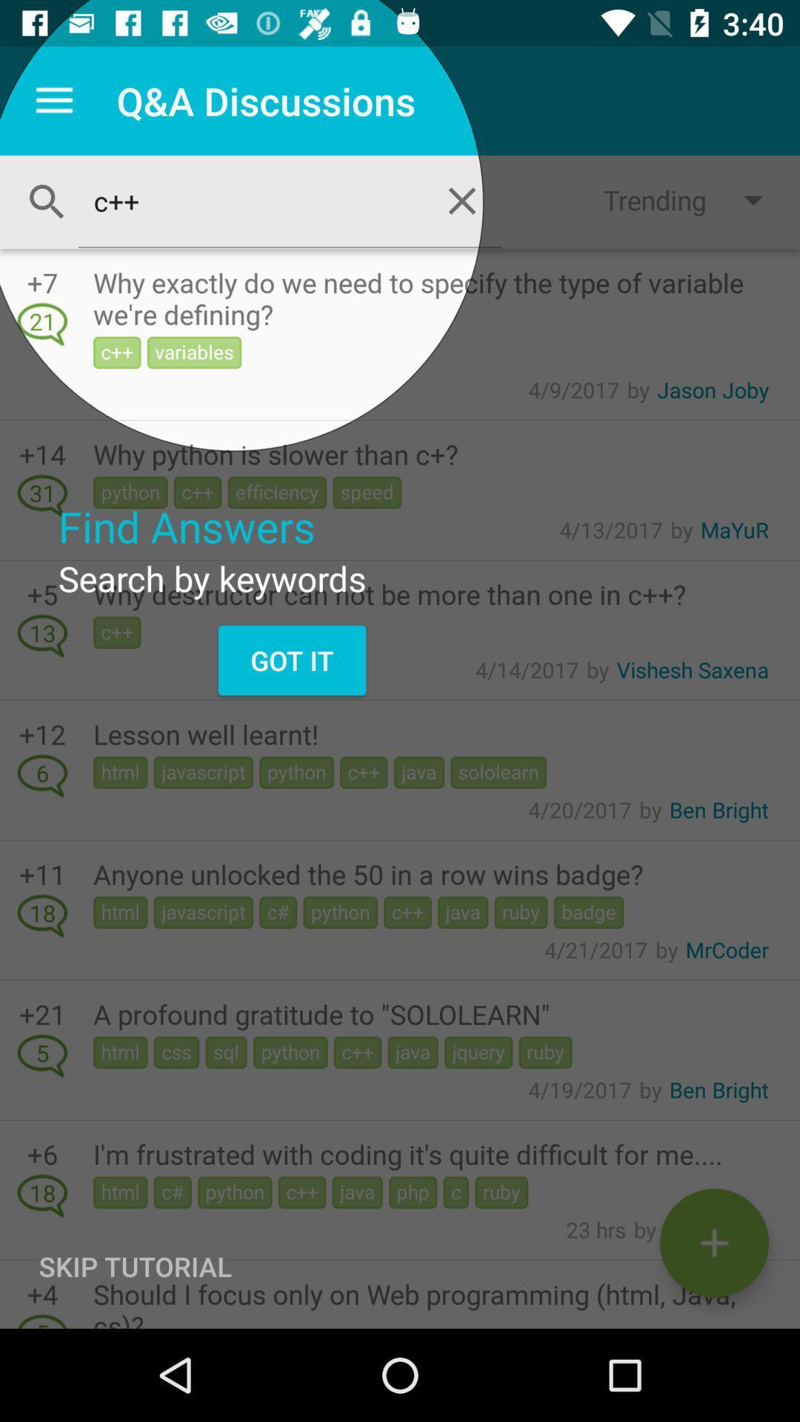 This screenshot has height=1422, width=800. What do you see at coordinates (461, 200) in the screenshot?
I see `the close icon` at bounding box center [461, 200].